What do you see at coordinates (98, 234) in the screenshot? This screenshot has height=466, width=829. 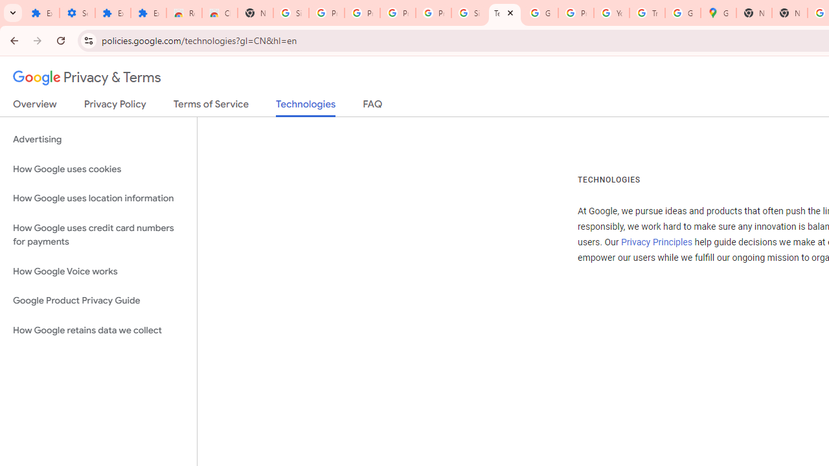 I see `'How Google uses credit card numbers for payments'` at bounding box center [98, 234].